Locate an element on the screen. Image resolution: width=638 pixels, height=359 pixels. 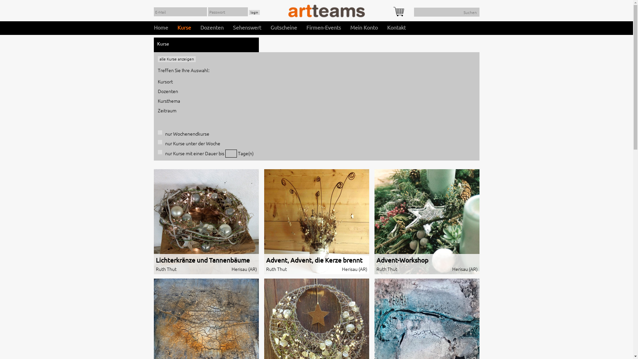
'Warenkorb' is located at coordinates (399, 11).